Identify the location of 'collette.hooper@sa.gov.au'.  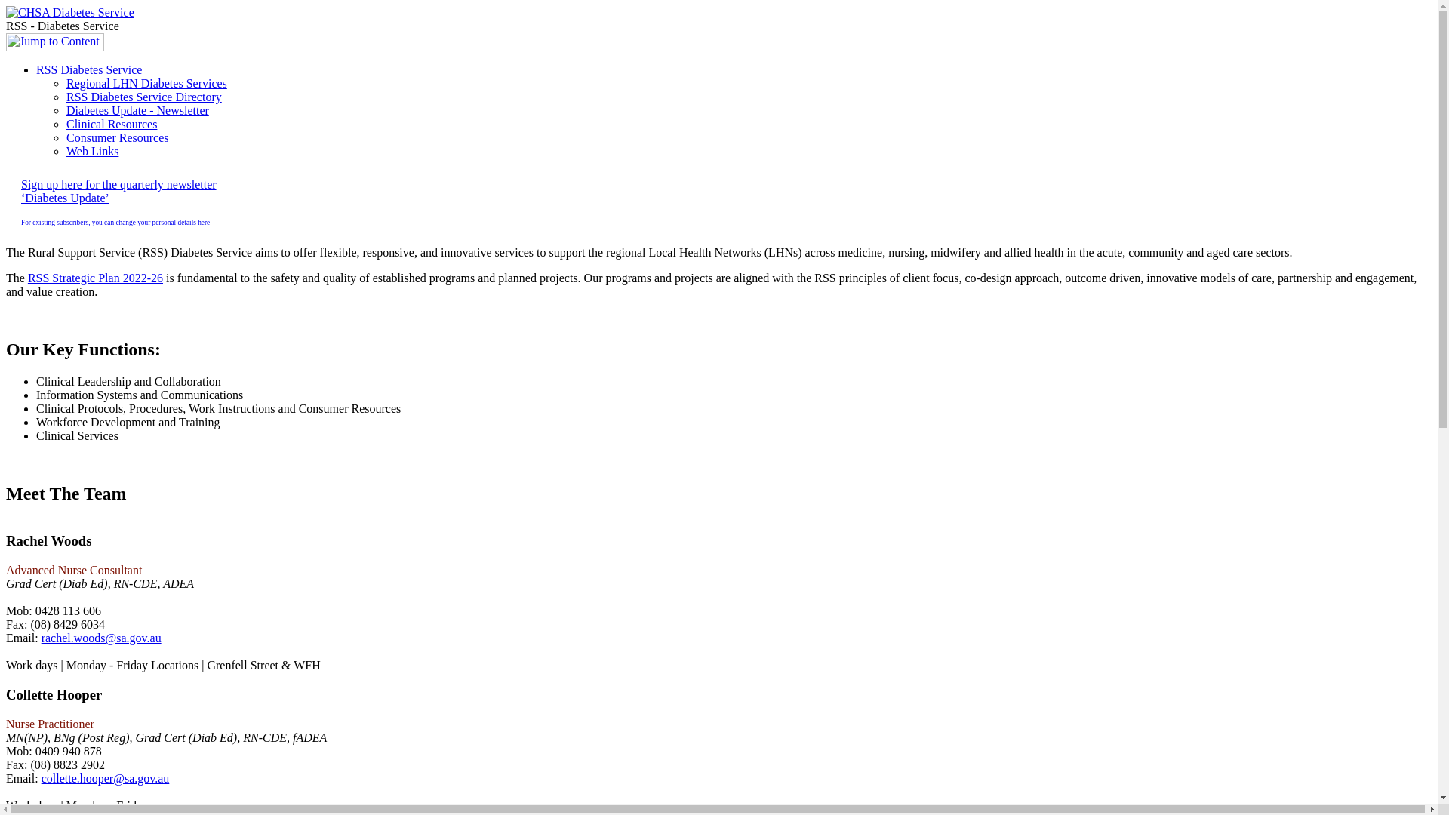
(104, 777).